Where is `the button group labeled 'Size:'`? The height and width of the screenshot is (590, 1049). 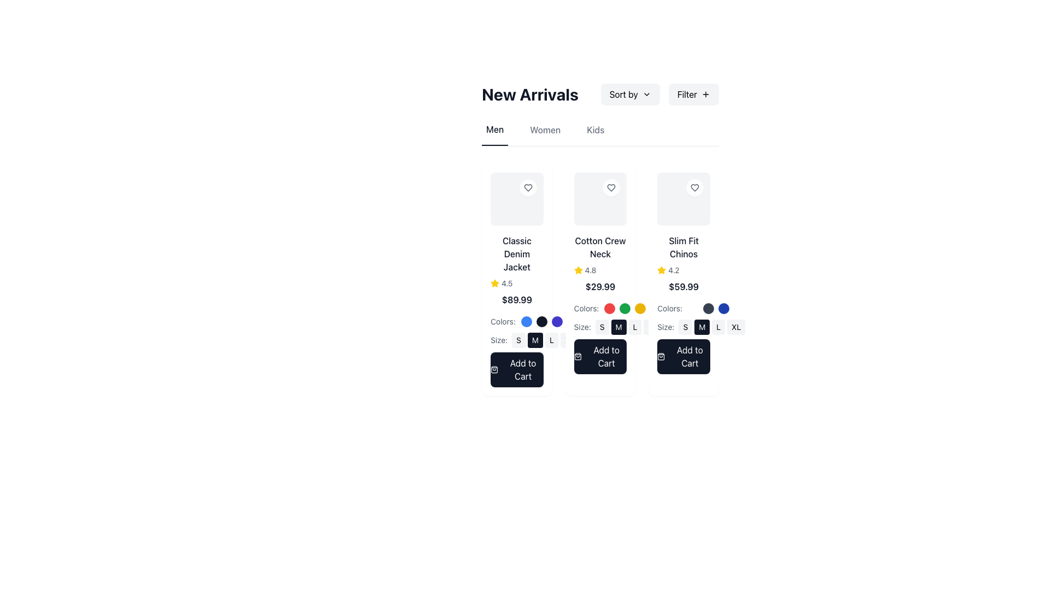
the button group labeled 'Size:' is located at coordinates (600, 326).